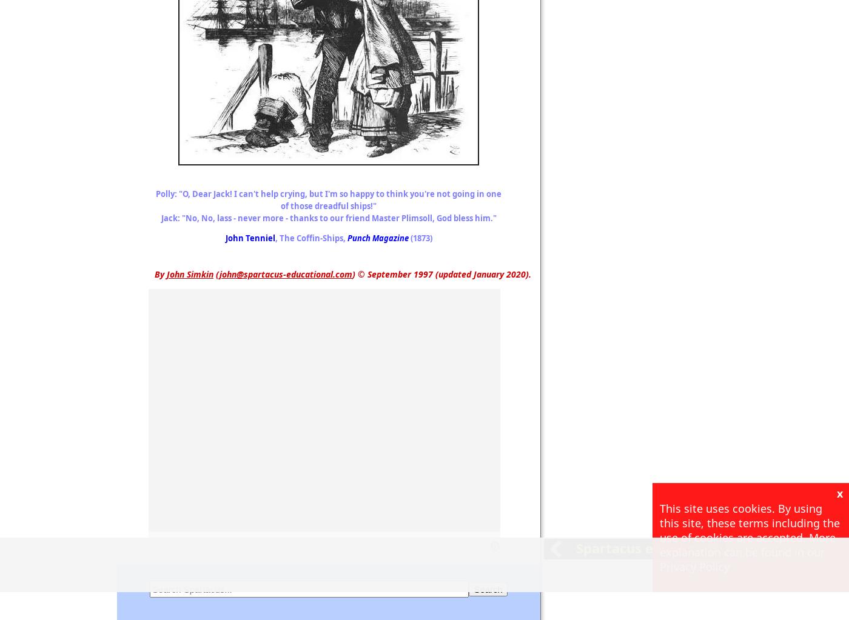 Image resolution: width=849 pixels, height=620 pixels. Describe the element at coordinates (328, 200) in the screenshot. I see `'Polly: "O, Dear Jack! I can't help crying, but I'm so happy to think you're not going in one of those dreadful ships!"'` at that location.